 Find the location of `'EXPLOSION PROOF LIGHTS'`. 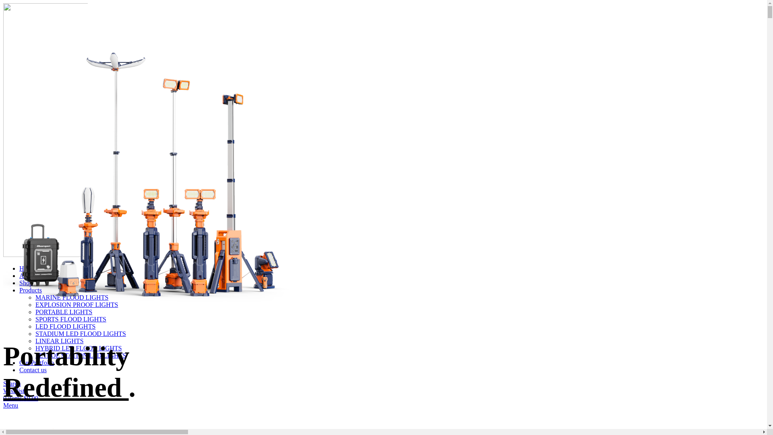

'EXPLOSION PROOF LIGHTS' is located at coordinates (76, 304).